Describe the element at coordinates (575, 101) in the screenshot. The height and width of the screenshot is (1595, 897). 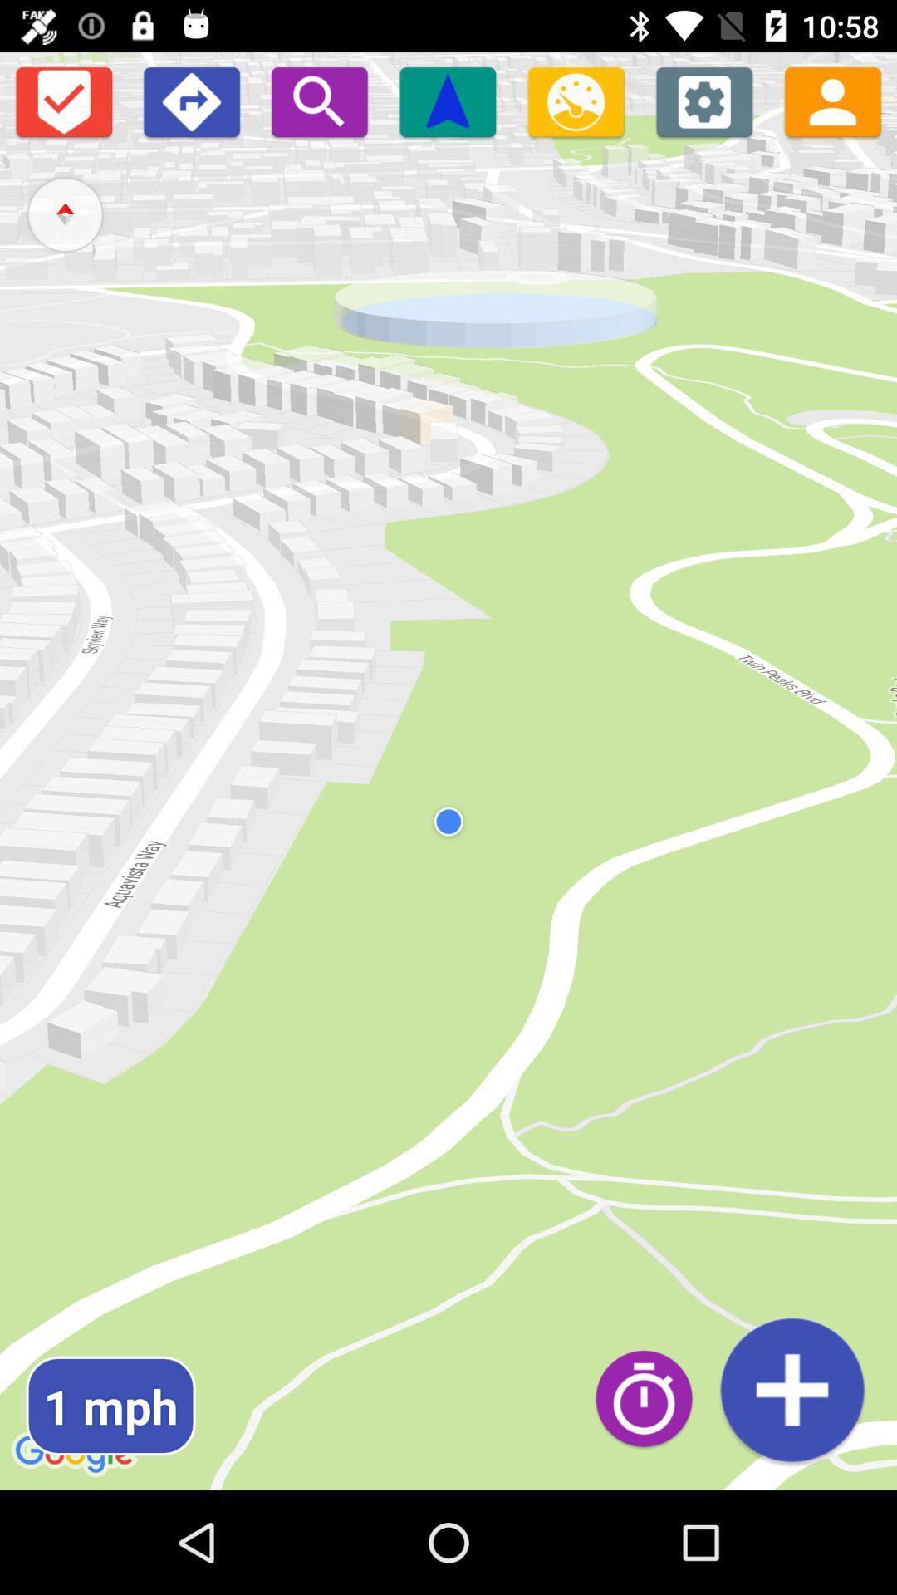
I see `adjust zoom and scale` at that location.